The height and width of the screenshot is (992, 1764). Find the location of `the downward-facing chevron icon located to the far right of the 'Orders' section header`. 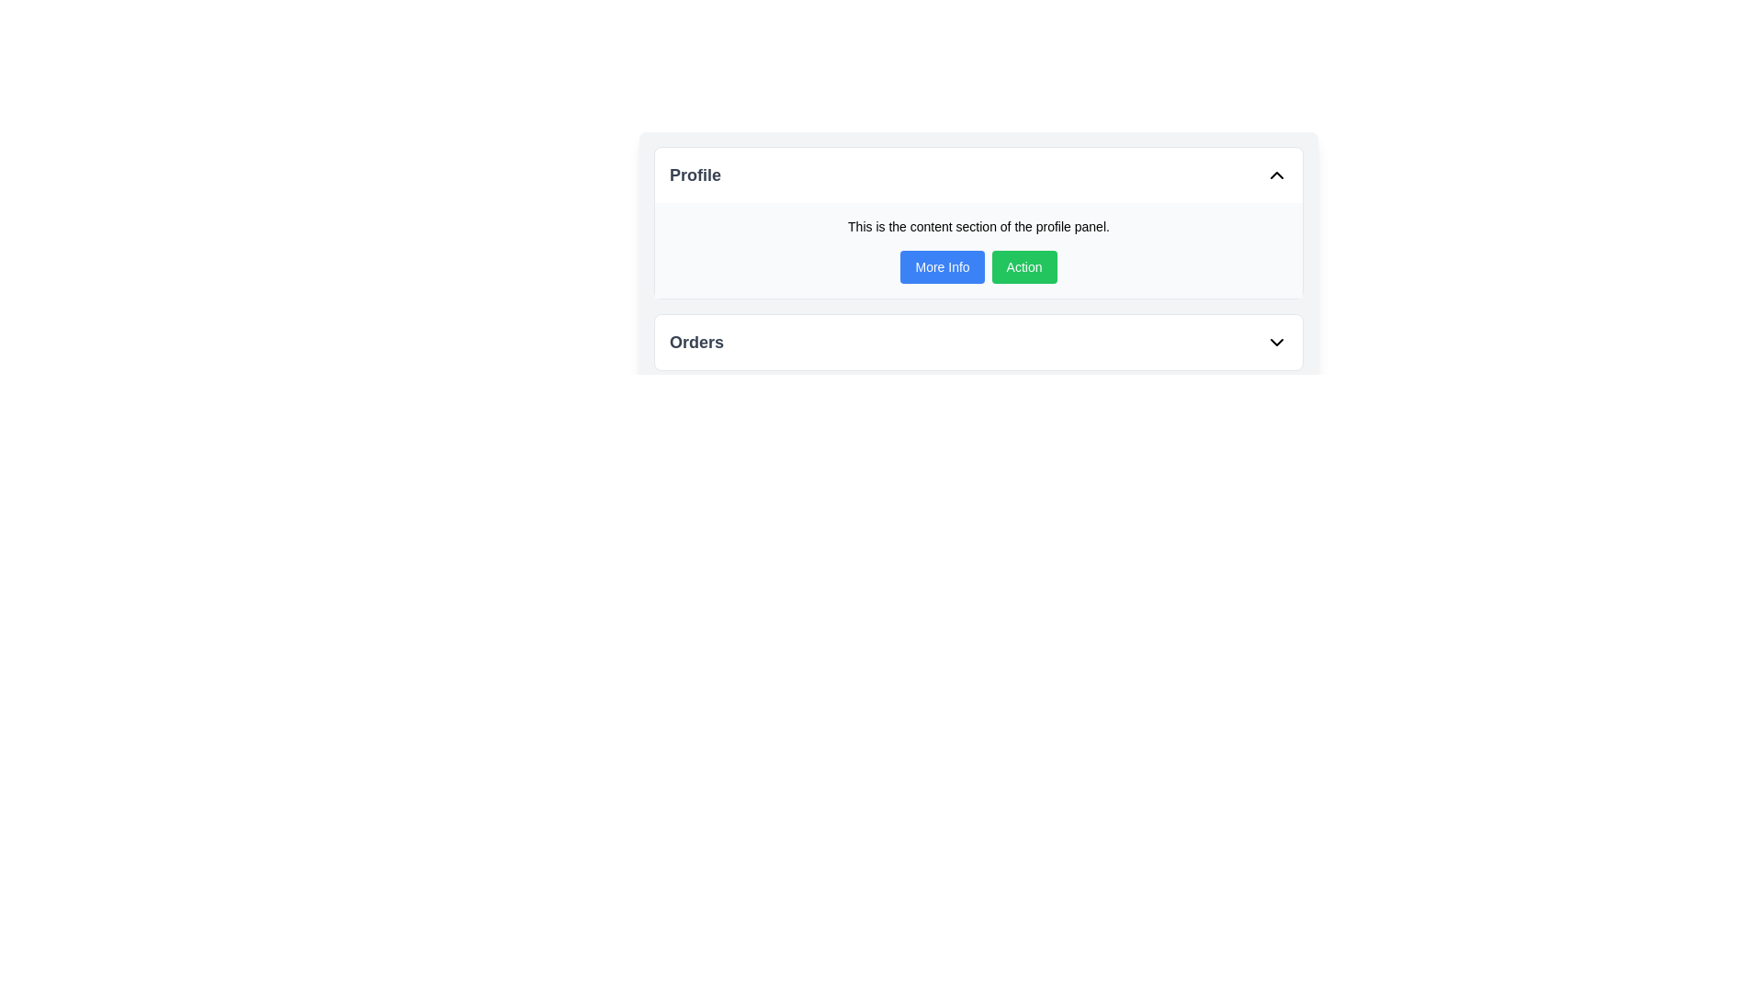

the downward-facing chevron icon located to the far right of the 'Orders' section header is located at coordinates (1276, 343).